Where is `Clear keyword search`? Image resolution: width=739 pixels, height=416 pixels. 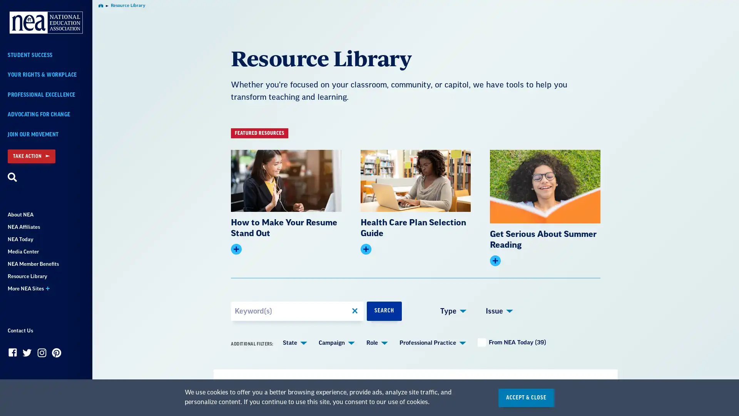 Clear keyword search is located at coordinates (354, 310).